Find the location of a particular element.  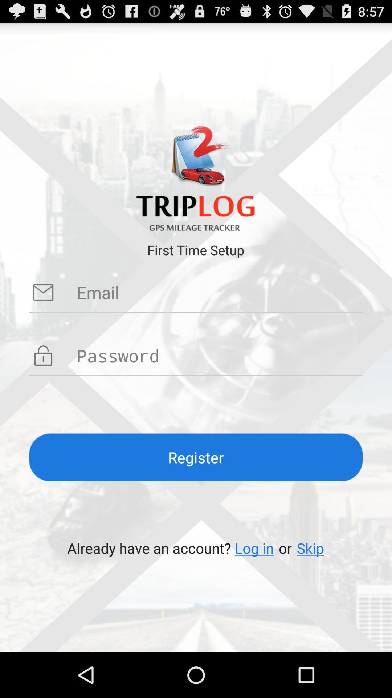

set up email for triplog is located at coordinates (219, 292).